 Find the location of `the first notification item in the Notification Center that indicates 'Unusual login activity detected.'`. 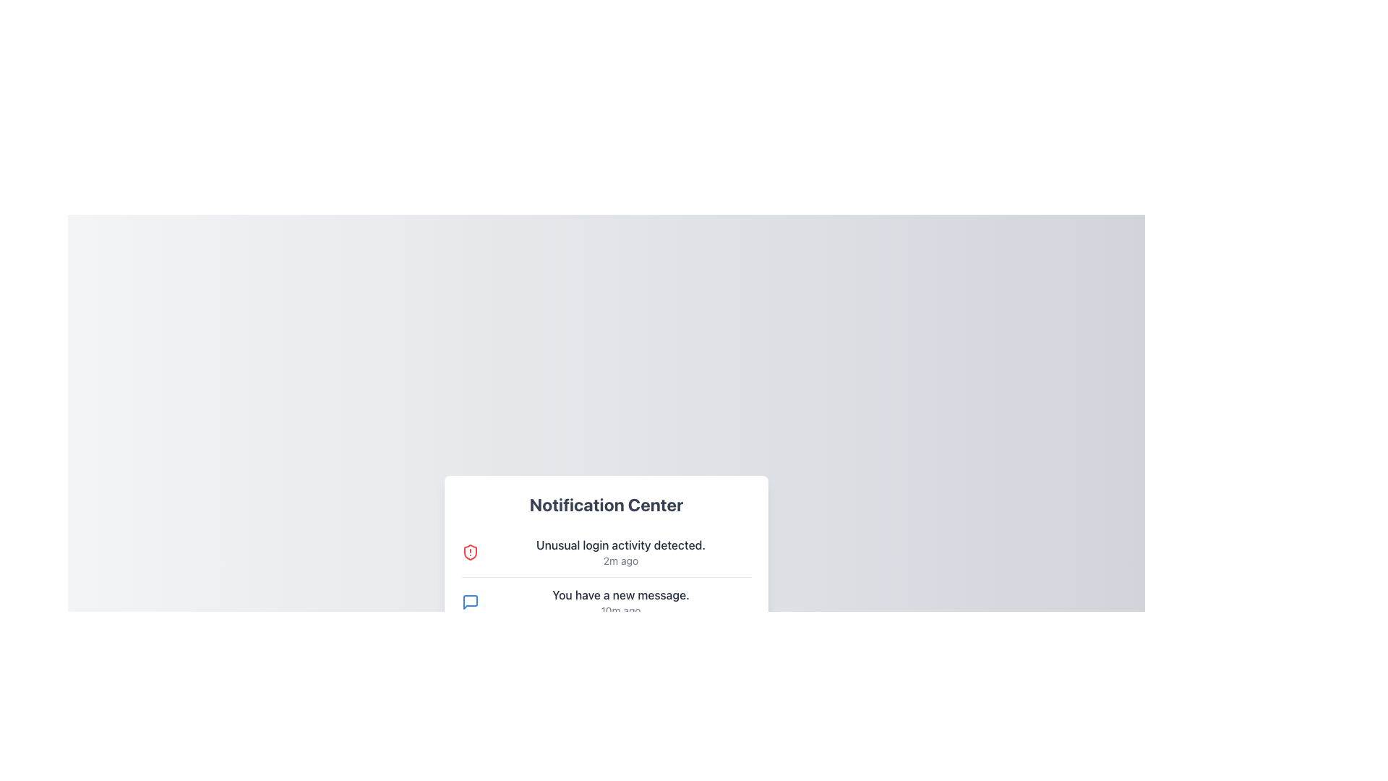

the first notification item in the Notification Center that indicates 'Unusual login activity detected.' is located at coordinates (607, 552).